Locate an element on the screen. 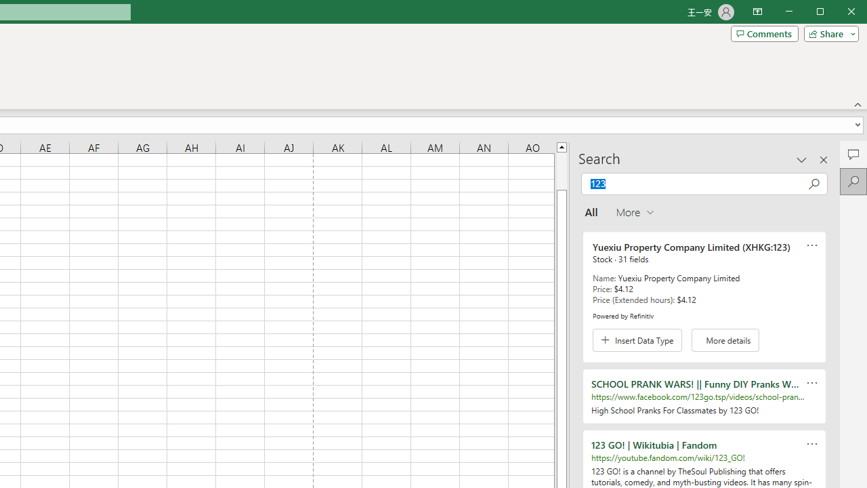  'Close' is located at coordinates (854, 13).